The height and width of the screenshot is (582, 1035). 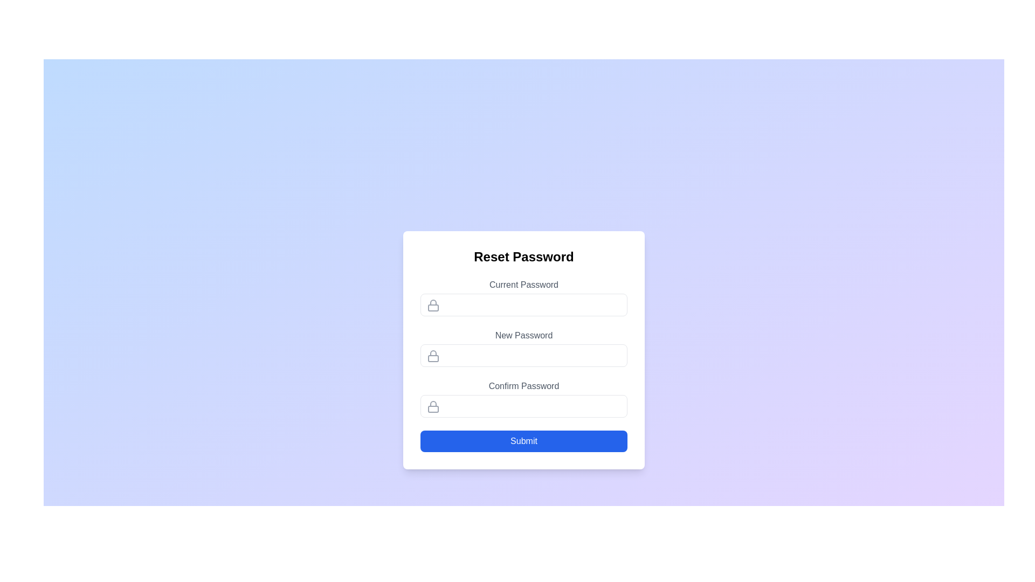 What do you see at coordinates (433, 358) in the screenshot?
I see `the lower portion of the lock icon representing the body of a lock, which signifies security functionality, located near the 'New Password' input field` at bounding box center [433, 358].